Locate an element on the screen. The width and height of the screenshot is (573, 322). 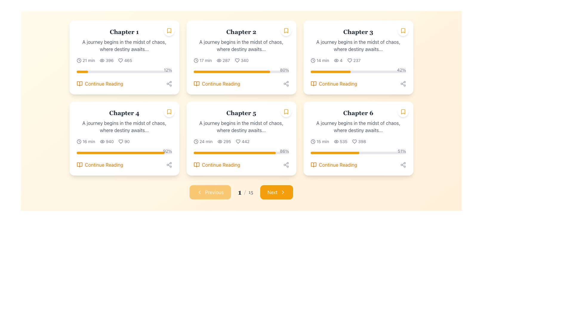
the text display element showing the page number '1', which is styled with a large, bold font and is part of the pagination indicator, located between the 'Previous' and 'Next' buttons is located at coordinates (240, 192).